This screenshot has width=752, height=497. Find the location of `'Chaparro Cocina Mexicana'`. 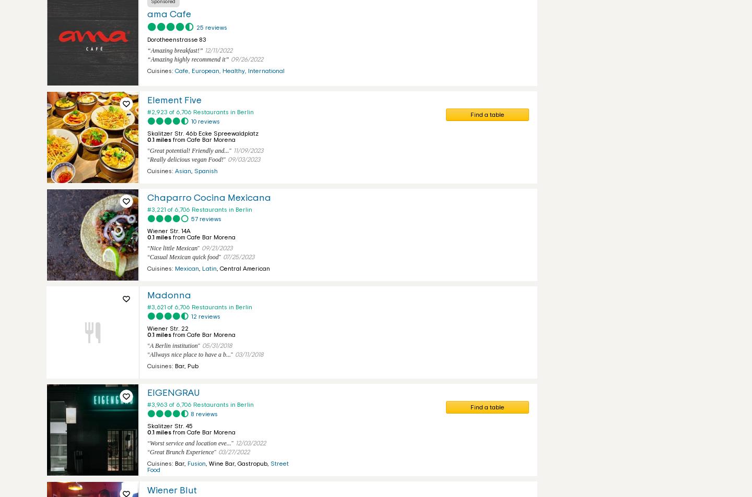

'Chaparro Cocina Mexicana' is located at coordinates (208, 197).